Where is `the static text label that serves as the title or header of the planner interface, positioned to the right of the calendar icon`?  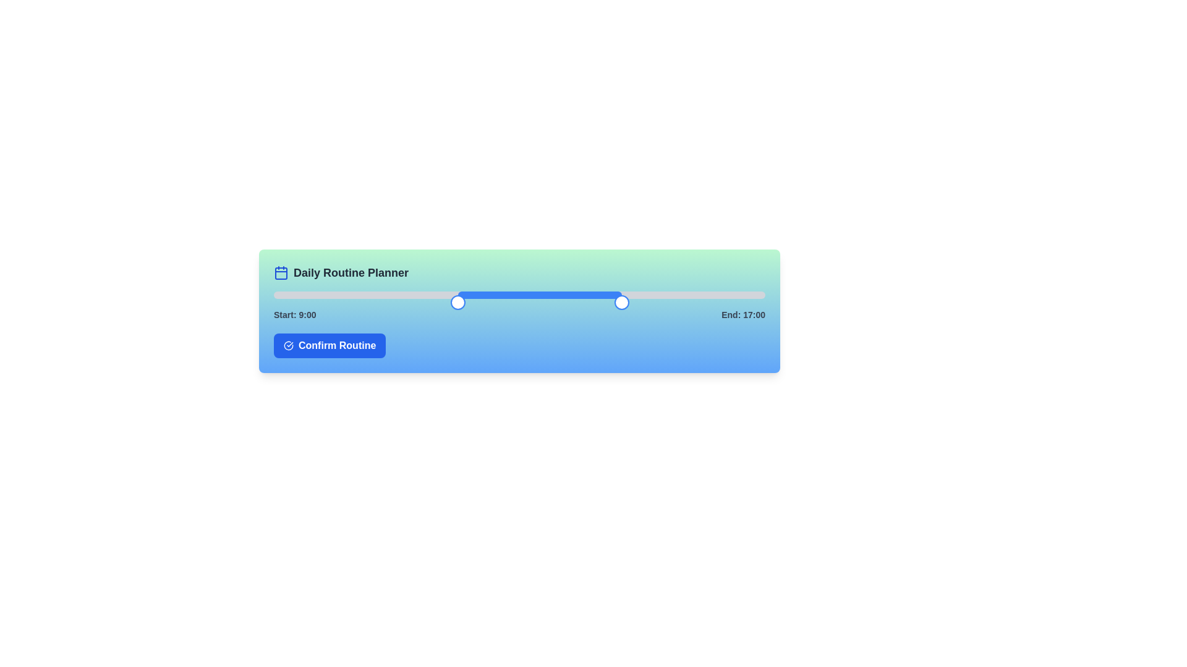 the static text label that serves as the title or header of the planner interface, positioned to the right of the calendar icon is located at coordinates (350, 272).